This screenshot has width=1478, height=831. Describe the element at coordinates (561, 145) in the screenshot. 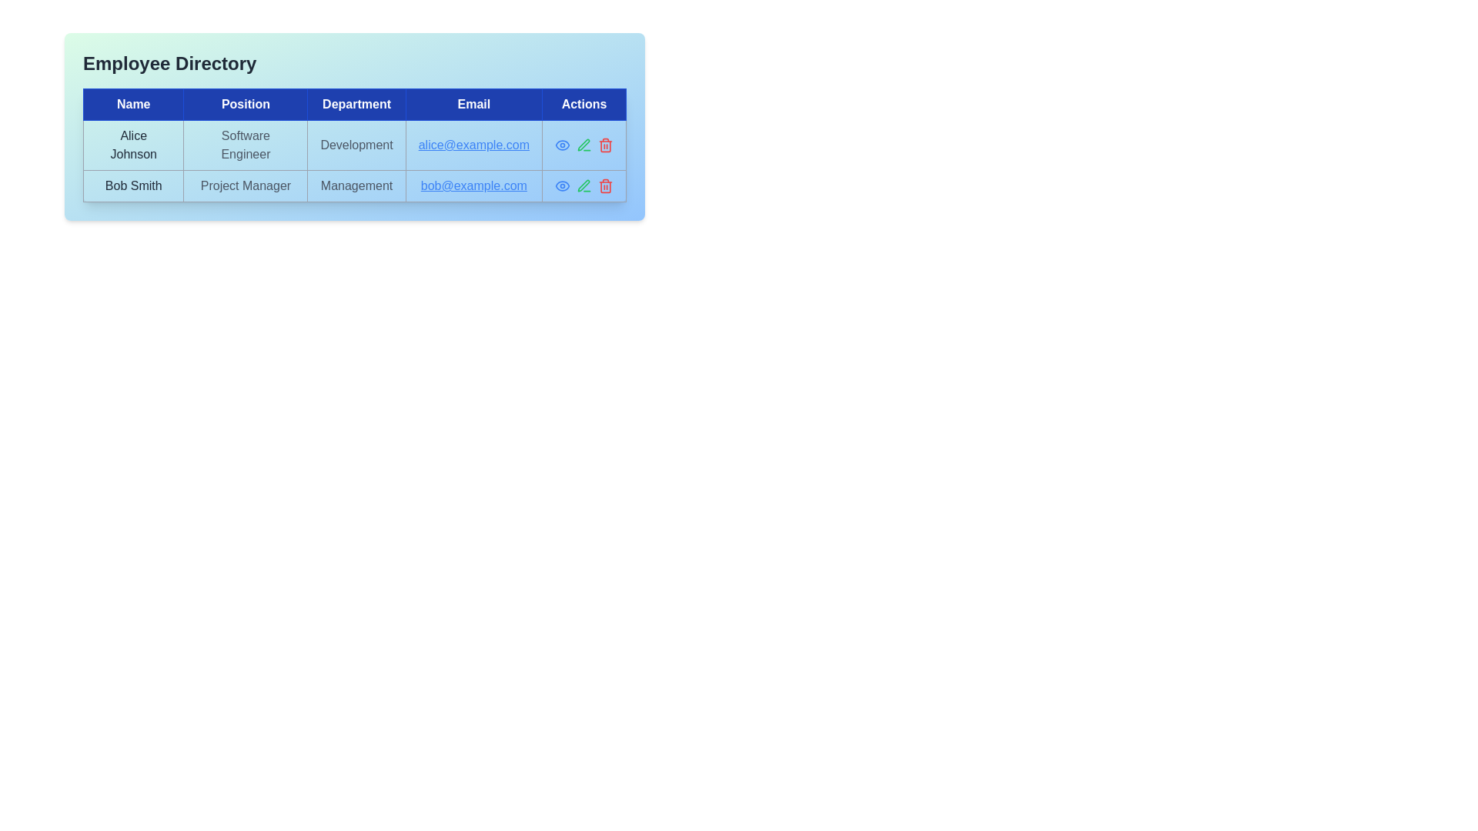

I see `the first part of the eye-shaped icon in the 'Actions' column of the second row in the 'Employee Directory' table` at that location.